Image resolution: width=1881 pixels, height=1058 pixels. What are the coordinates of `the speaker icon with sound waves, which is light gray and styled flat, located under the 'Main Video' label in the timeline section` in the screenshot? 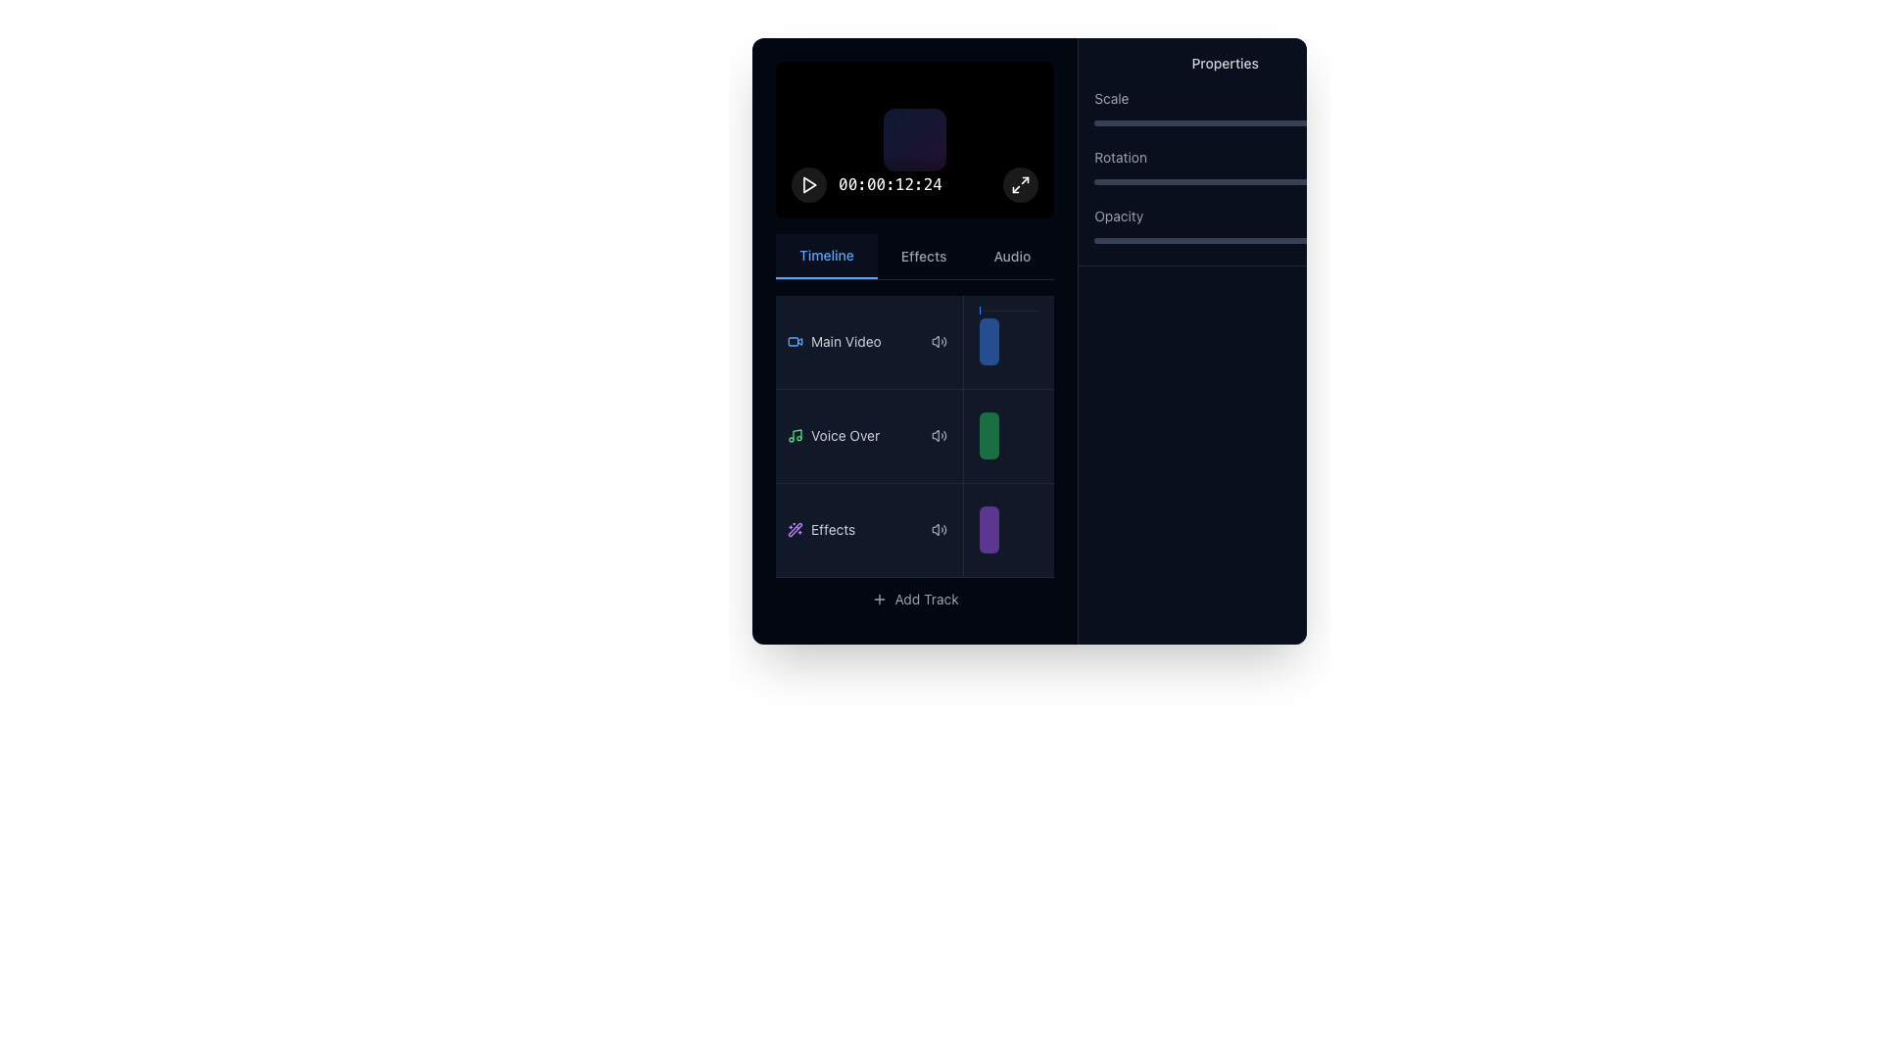 It's located at (939, 340).